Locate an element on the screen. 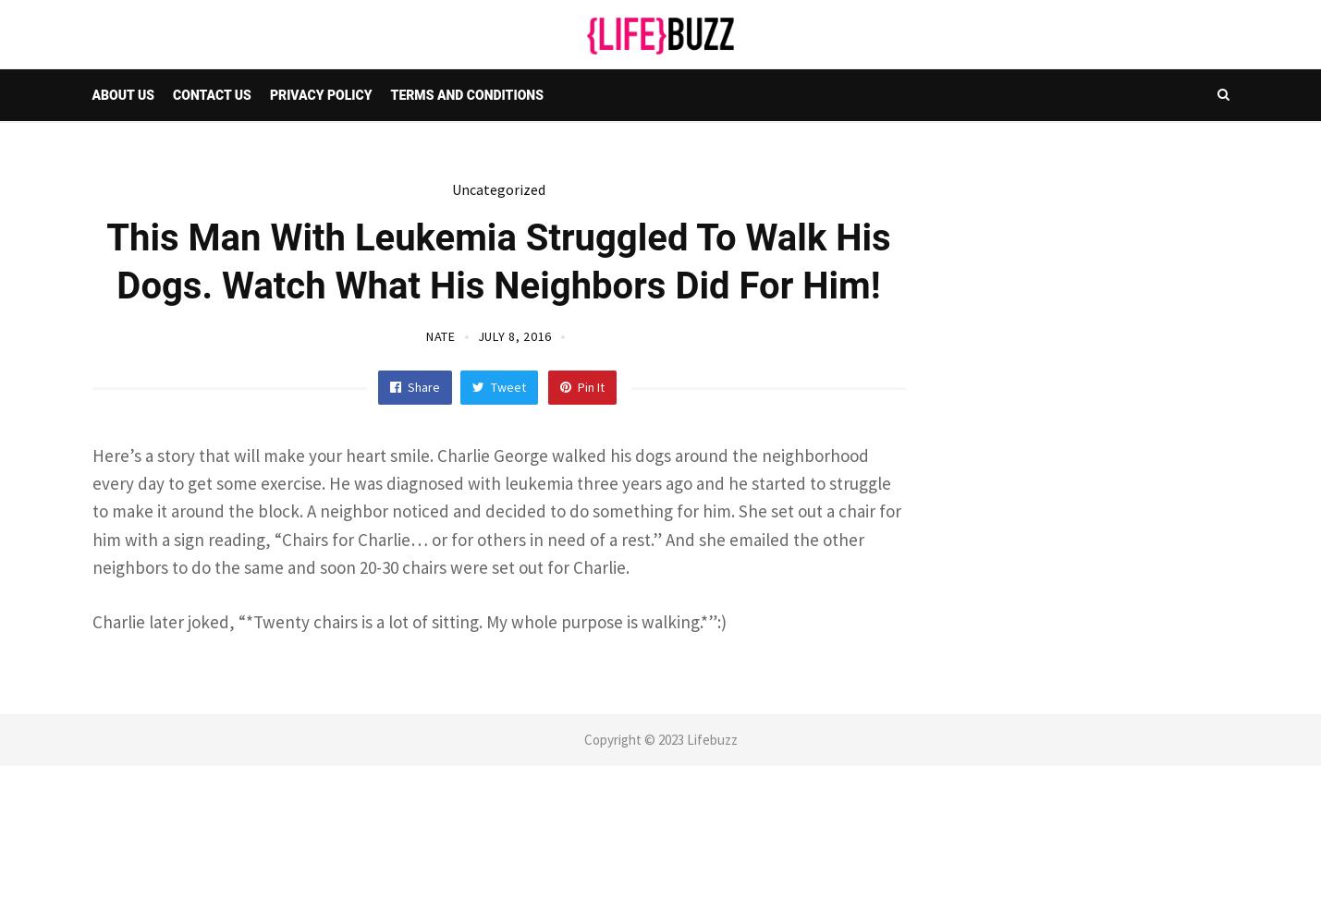 This screenshot has height=924, width=1321. 'Tweet' is located at coordinates (486, 387).